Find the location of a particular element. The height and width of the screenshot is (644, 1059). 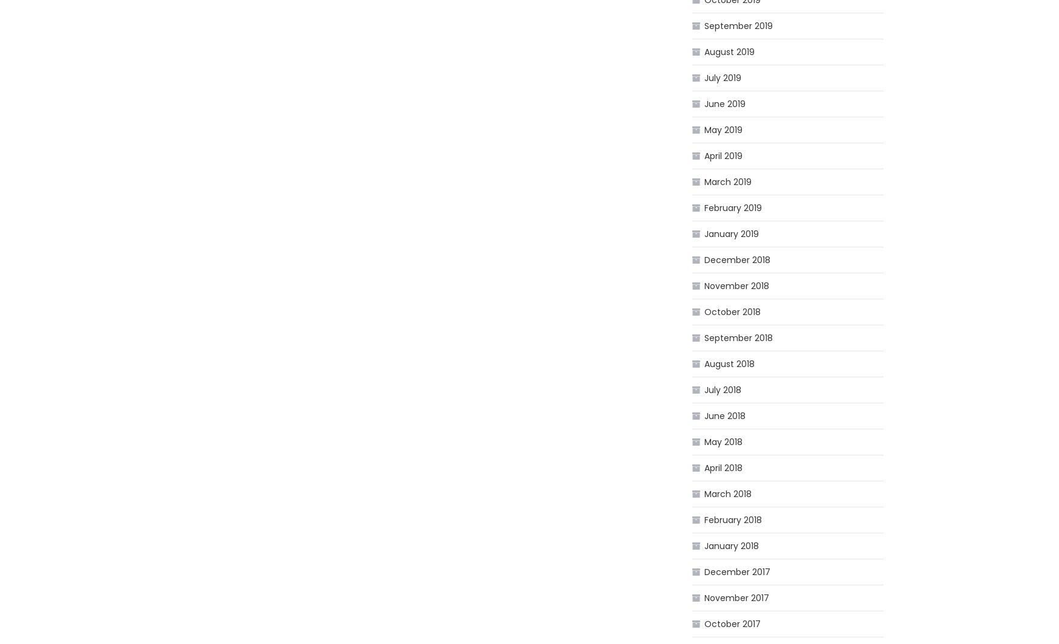

'February 2019' is located at coordinates (733, 207).